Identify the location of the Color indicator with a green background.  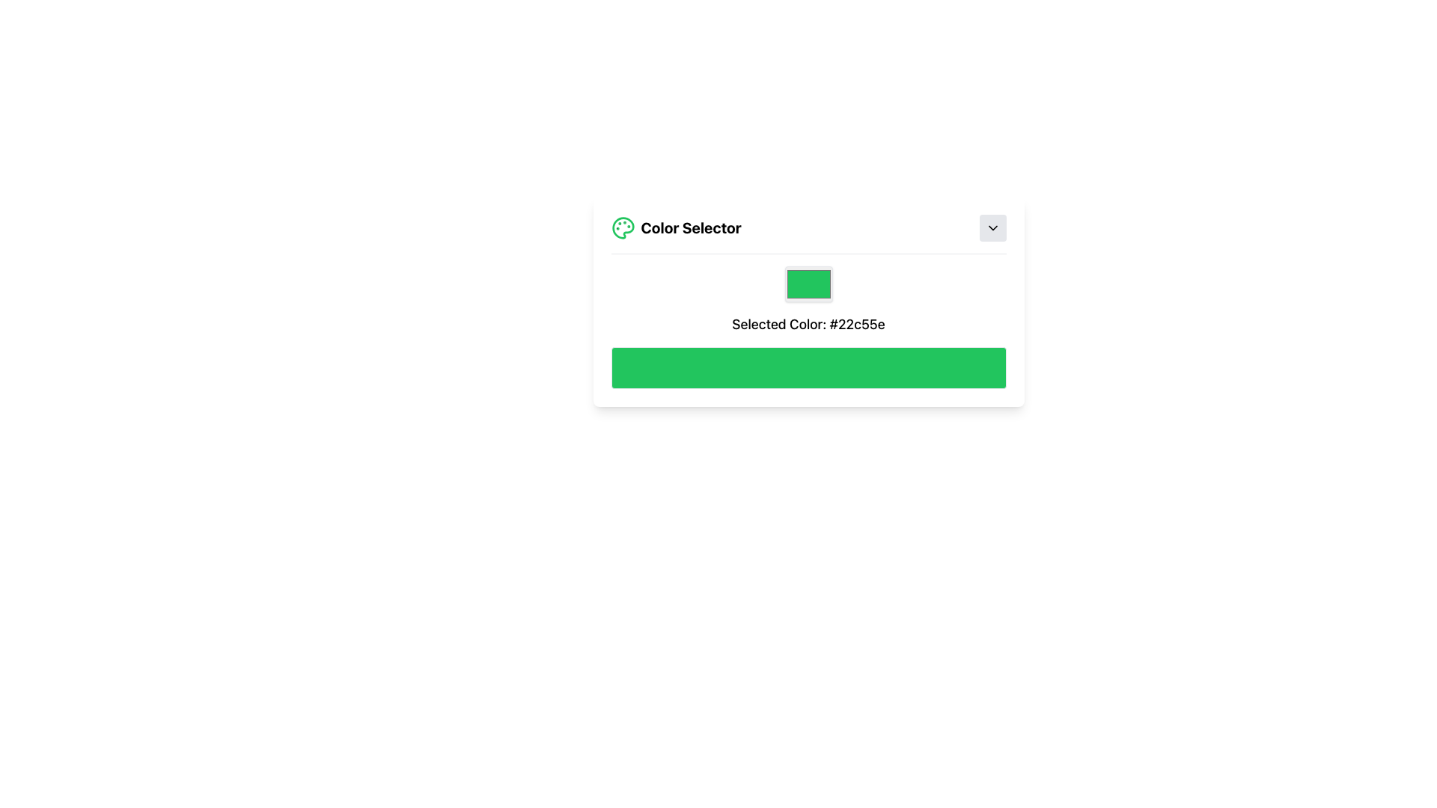
(808, 284).